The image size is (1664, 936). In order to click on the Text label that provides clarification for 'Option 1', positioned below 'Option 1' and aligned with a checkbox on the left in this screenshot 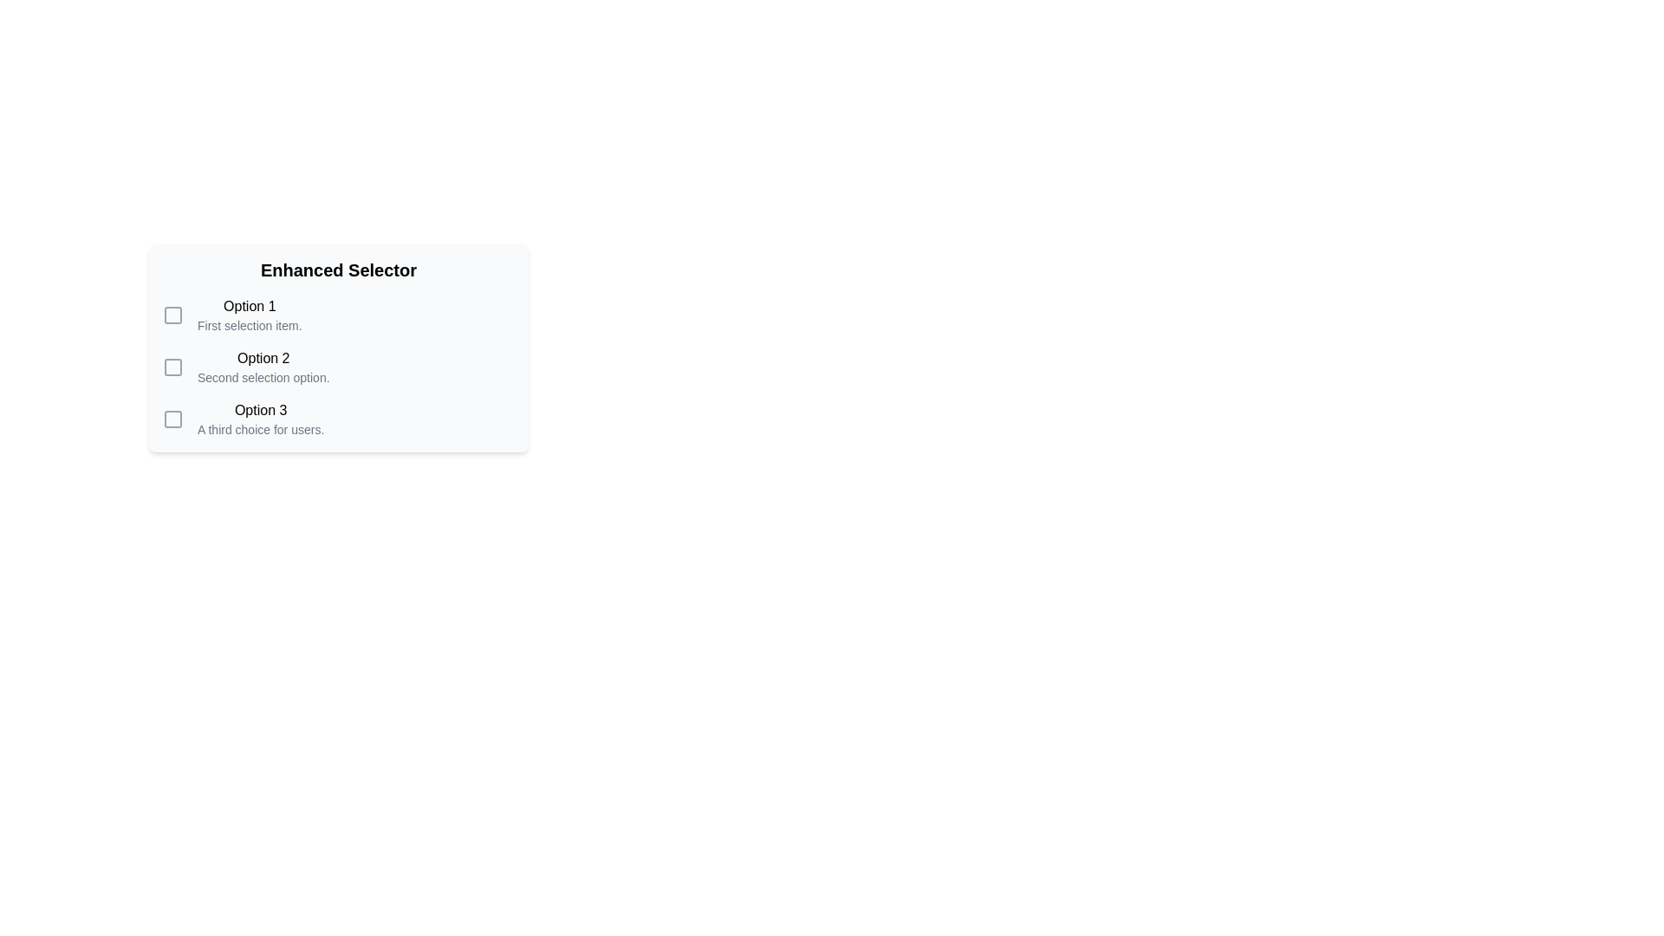, I will do `click(249, 325)`.